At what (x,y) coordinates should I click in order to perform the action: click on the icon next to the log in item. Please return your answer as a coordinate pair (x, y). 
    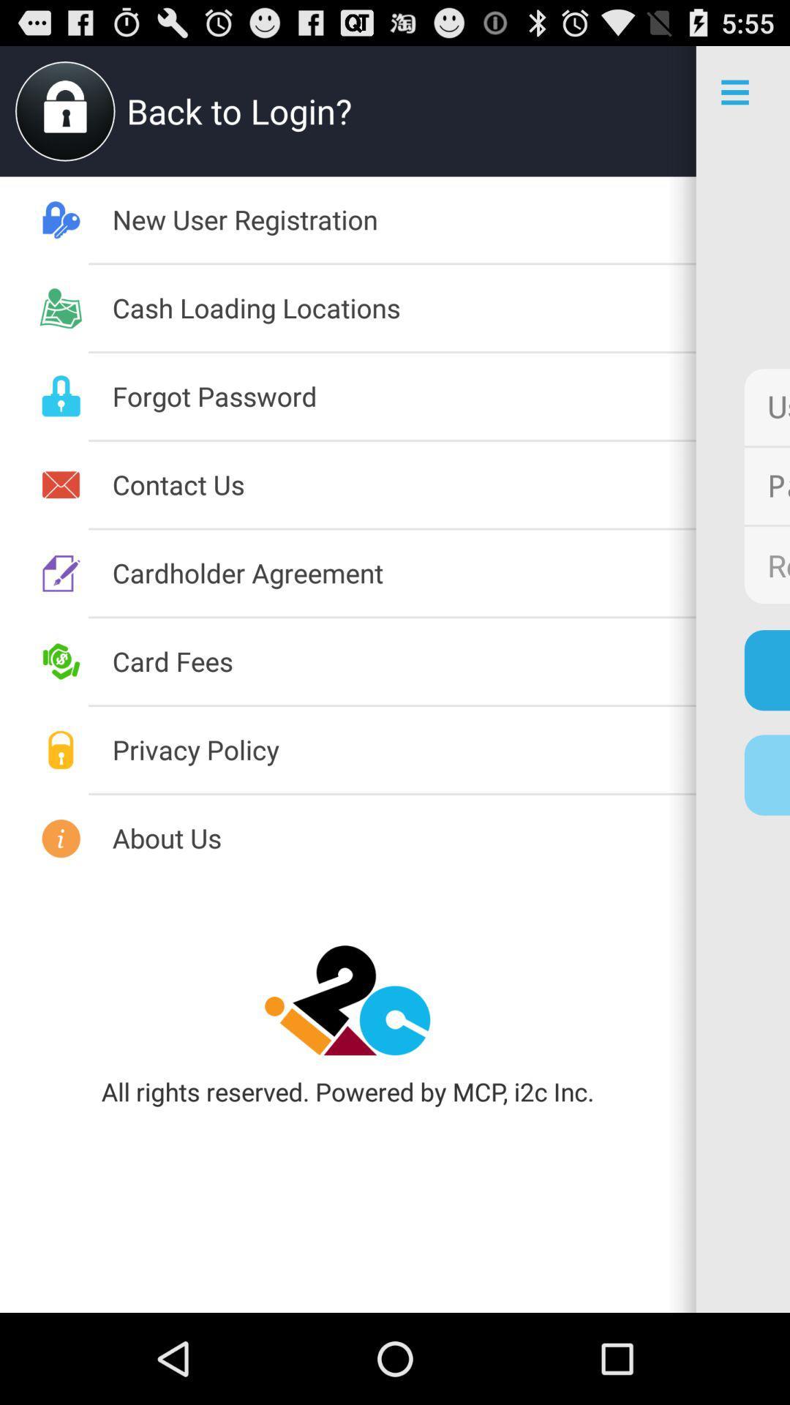
    Looking at the image, I should click on (404, 660).